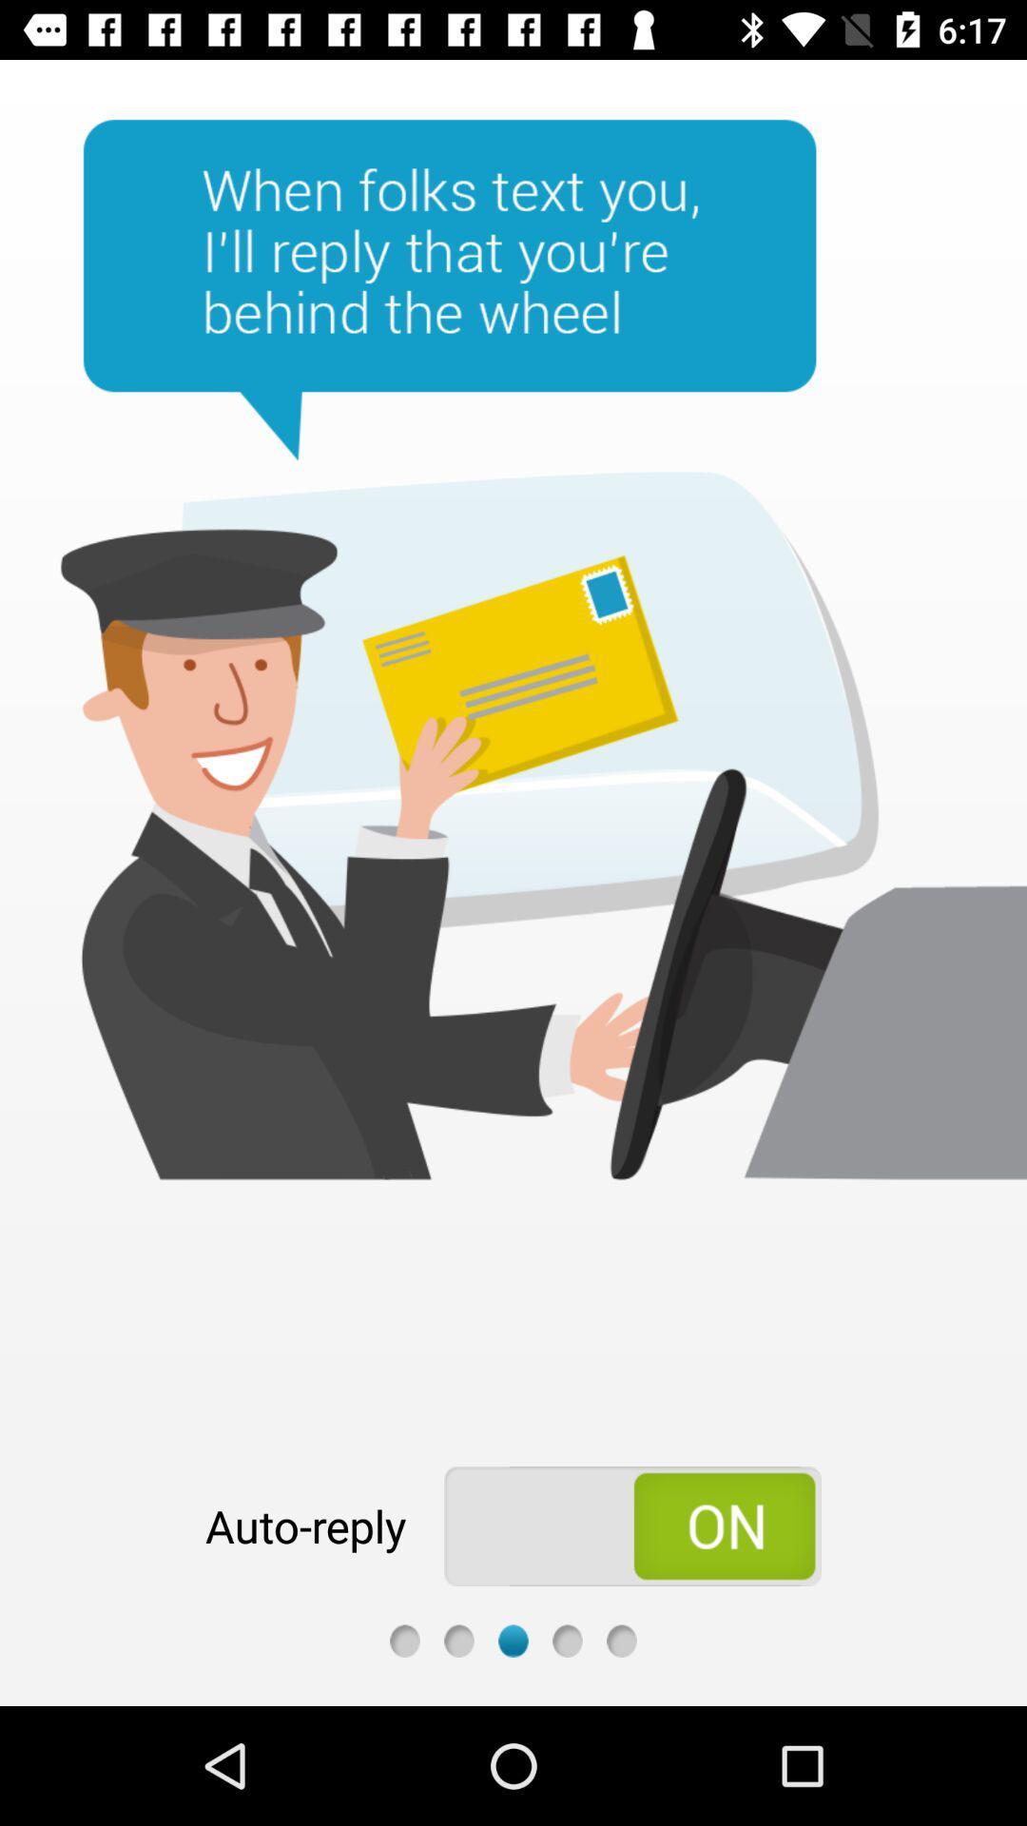 The image size is (1027, 1826). Describe the element at coordinates (632, 1525) in the screenshot. I see `the item to the right of the auto-reply app` at that location.